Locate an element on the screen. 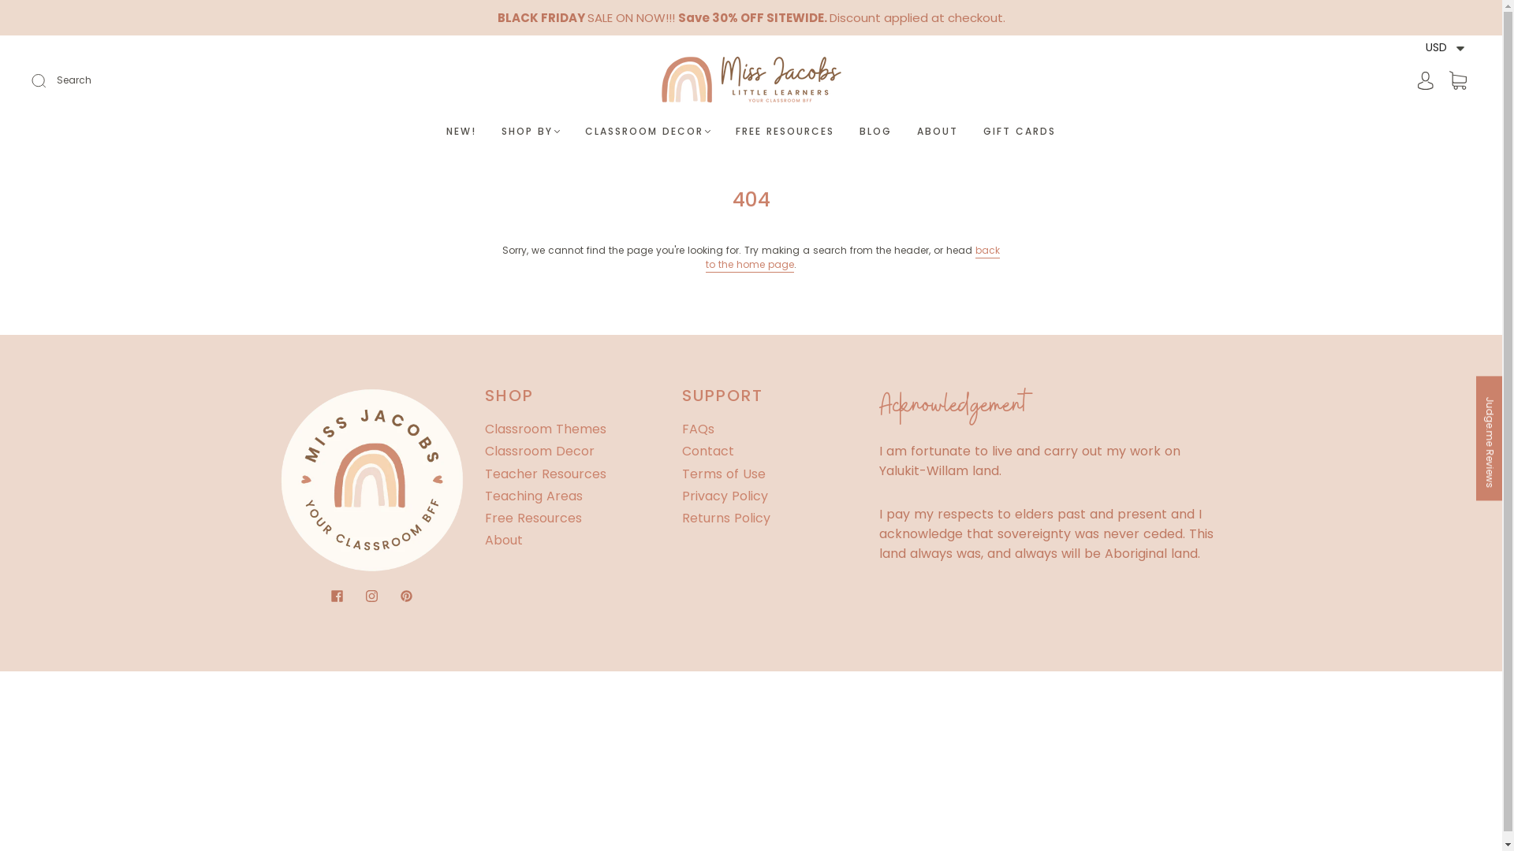 The width and height of the screenshot is (1514, 851). 'SHOP BY' is located at coordinates (500, 130).